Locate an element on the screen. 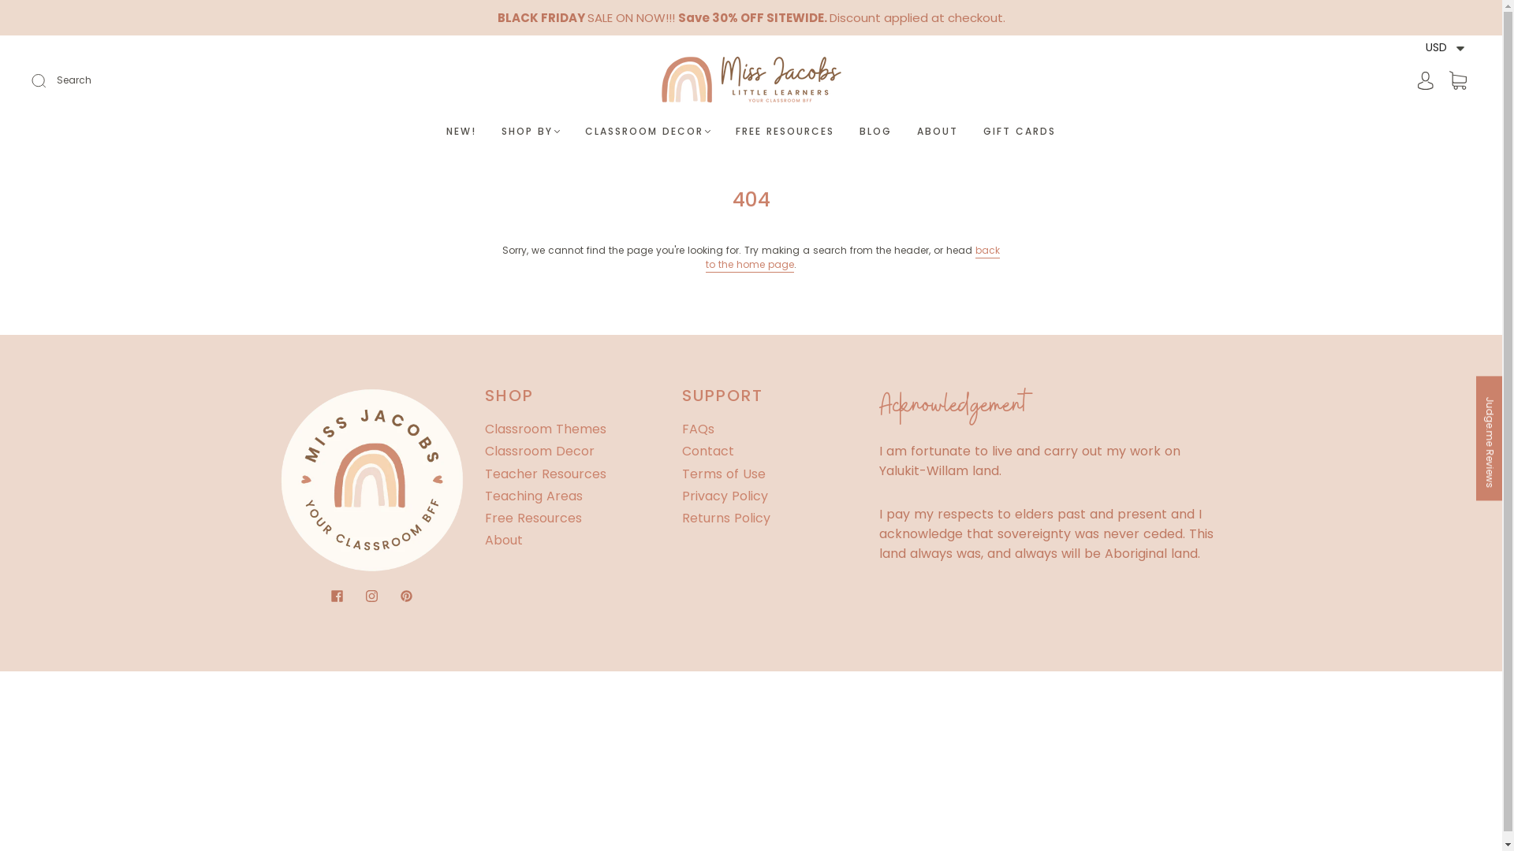 The width and height of the screenshot is (1514, 851). 'SHOP BY' is located at coordinates (500, 130).